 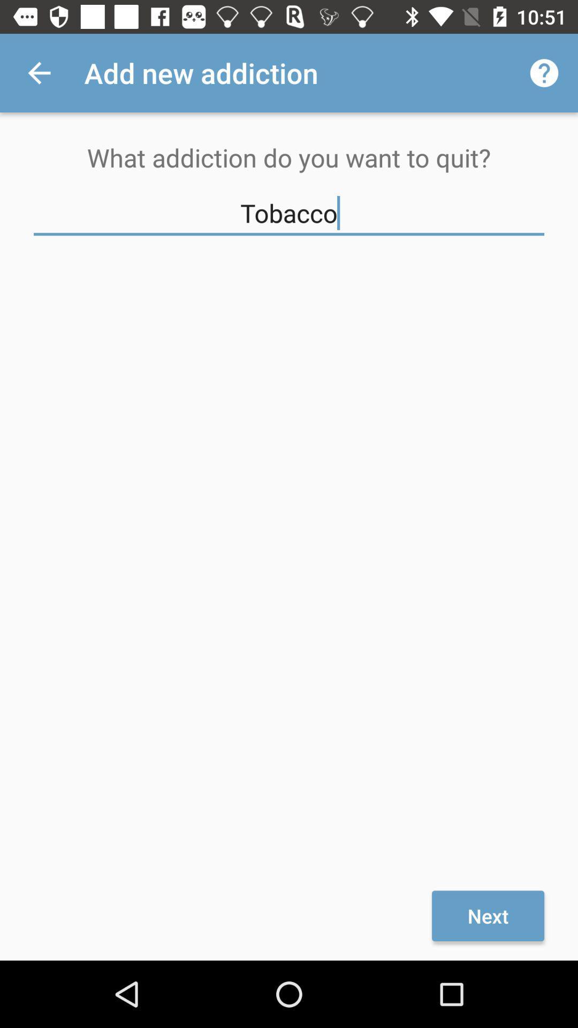 I want to click on app next to the add new addiction, so click(x=39, y=72).